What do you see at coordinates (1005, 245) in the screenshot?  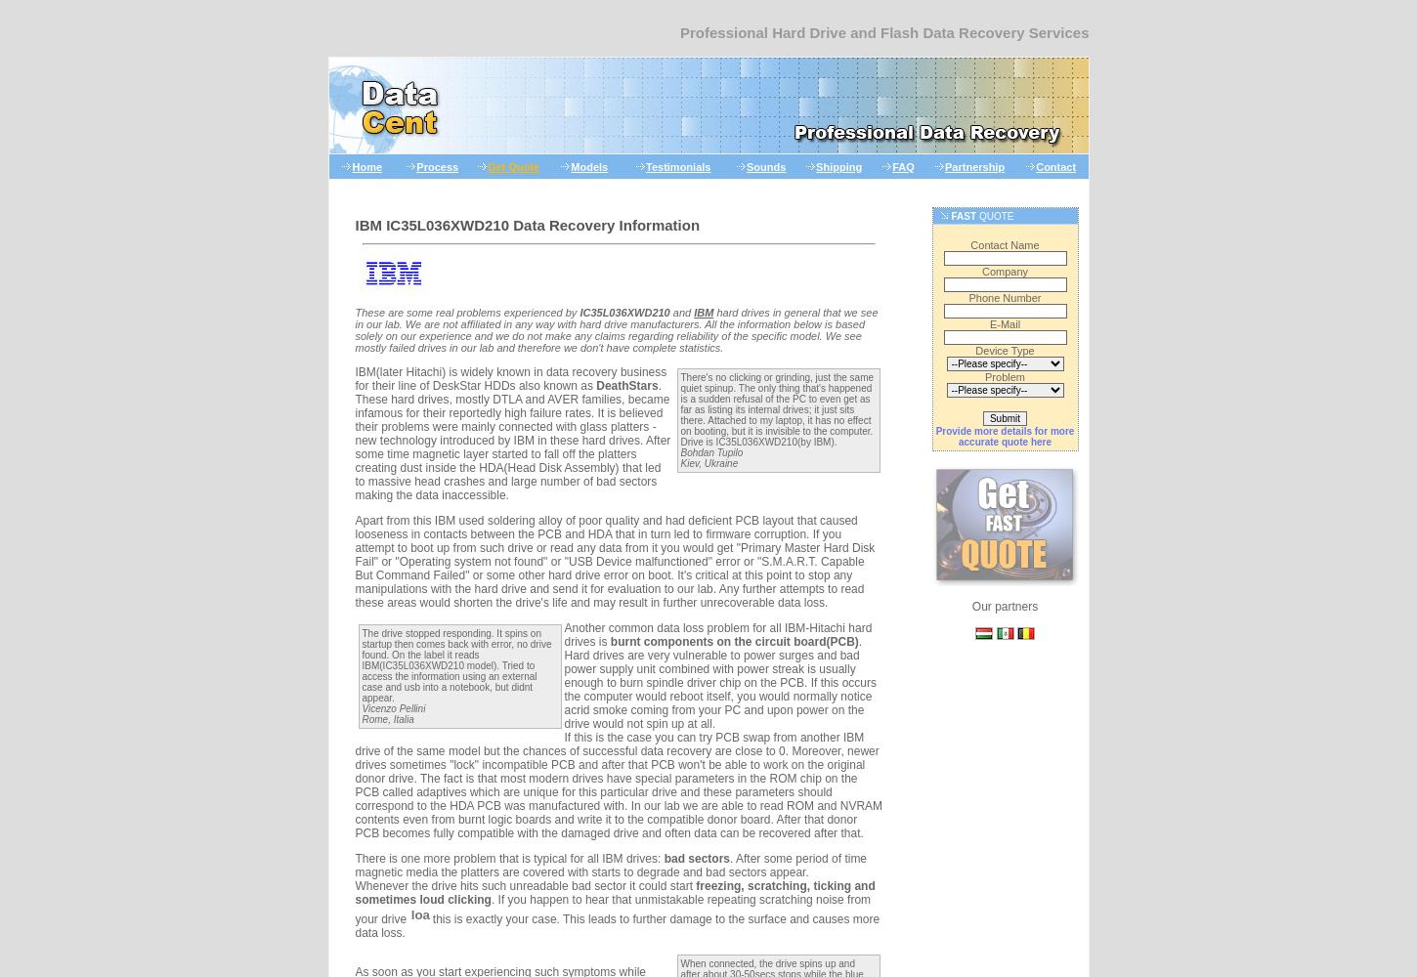 I see `'Contact Name'` at bounding box center [1005, 245].